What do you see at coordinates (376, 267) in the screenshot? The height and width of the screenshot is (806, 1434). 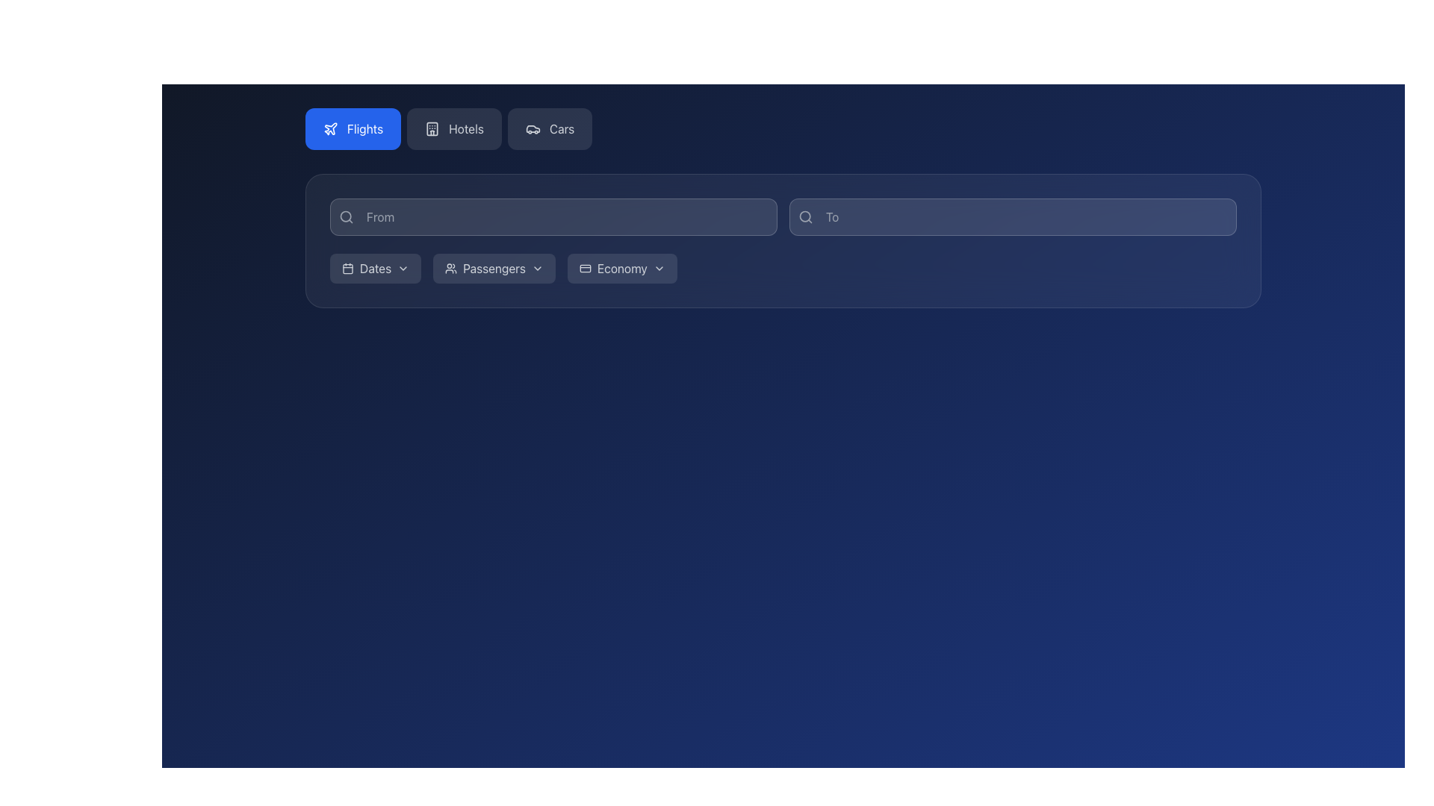 I see `the static text indicating the date selection section, which is centrally positioned between a calendar icon and an arrow icon` at bounding box center [376, 267].